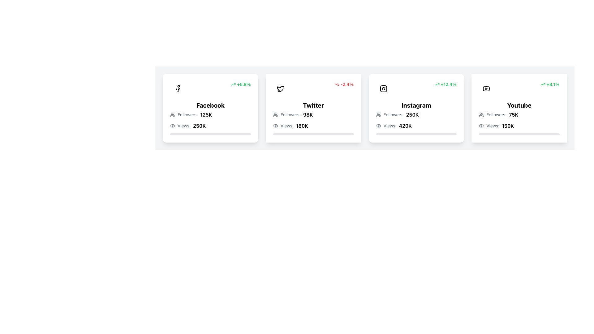 This screenshot has height=334, width=594. What do you see at coordinates (290, 114) in the screenshot?
I see `the 'Followers:' label, which is a small gray text element positioned near a user icon and the number '98K' in the Twitter information display` at bounding box center [290, 114].